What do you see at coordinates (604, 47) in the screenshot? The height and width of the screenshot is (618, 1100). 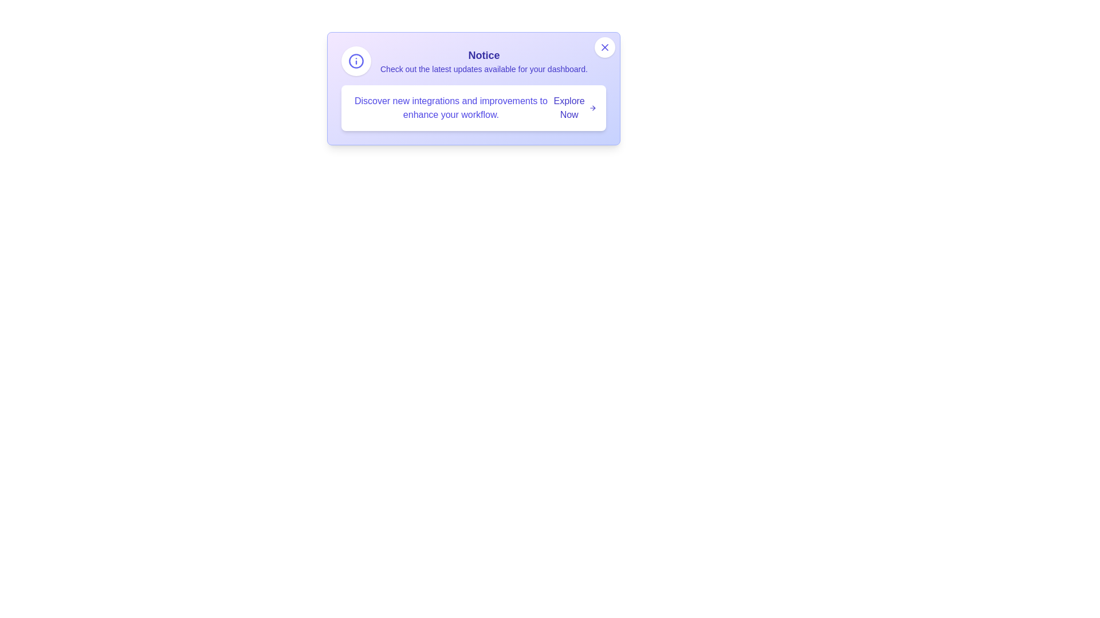 I see `the close button in the top-right corner of the alert card` at bounding box center [604, 47].